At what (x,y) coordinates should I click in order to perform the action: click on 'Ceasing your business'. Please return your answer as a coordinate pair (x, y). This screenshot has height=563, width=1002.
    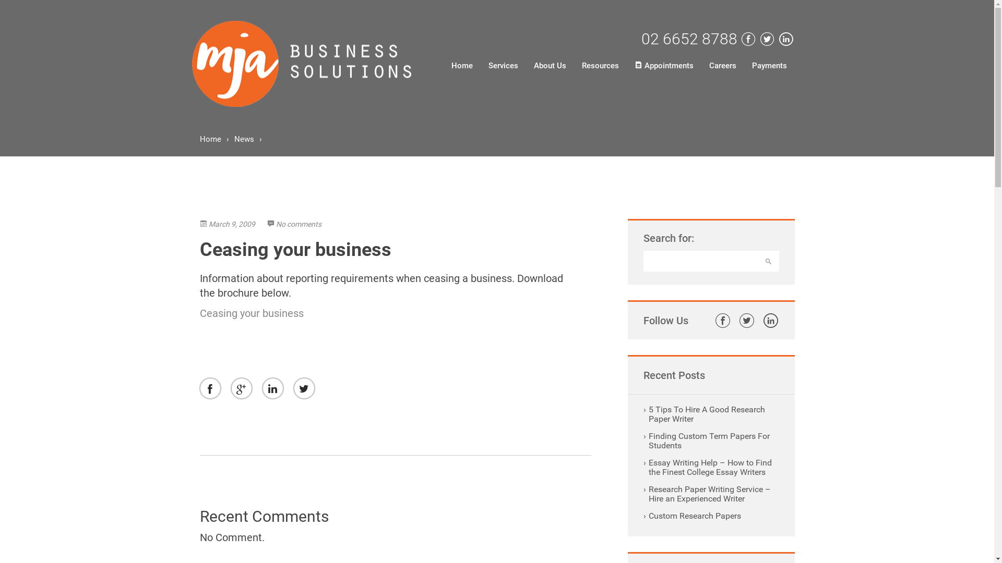
    Looking at the image, I should click on (251, 313).